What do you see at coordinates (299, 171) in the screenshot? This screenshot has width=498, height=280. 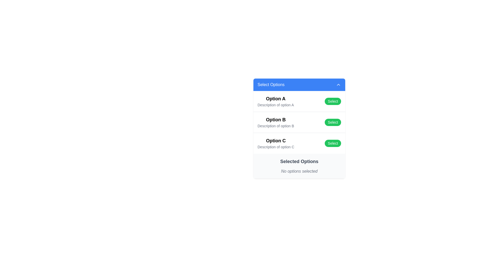 I see `the text label displaying 'No options selected' in a subdued gray color, located below the 'Selected Options' header in the lower part of a segmented panel` at bounding box center [299, 171].